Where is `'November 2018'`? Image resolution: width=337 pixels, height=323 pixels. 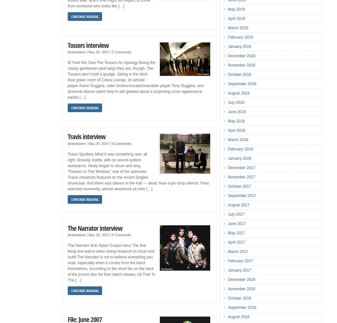
'November 2018' is located at coordinates (241, 65).